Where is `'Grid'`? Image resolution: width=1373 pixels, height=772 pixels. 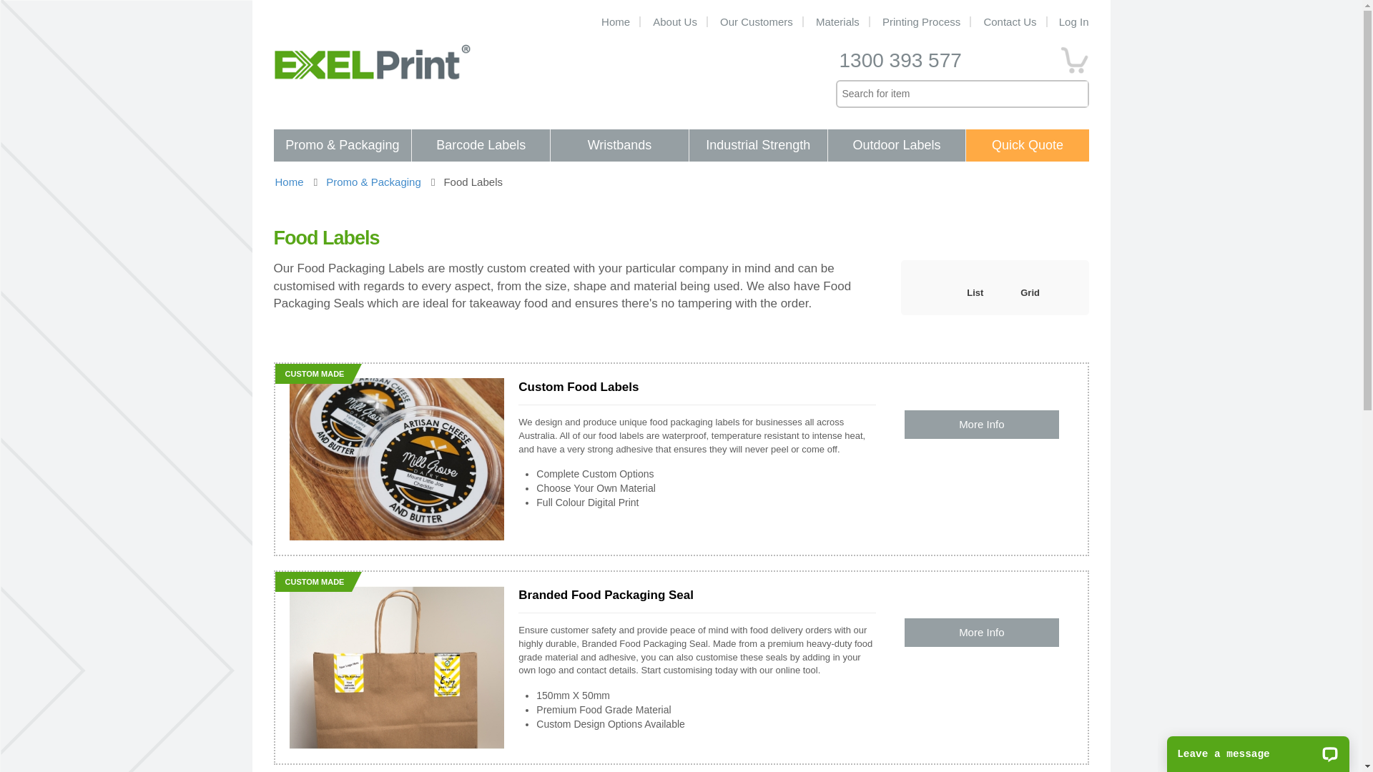 'Grid' is located at coordinates (1030, 292).